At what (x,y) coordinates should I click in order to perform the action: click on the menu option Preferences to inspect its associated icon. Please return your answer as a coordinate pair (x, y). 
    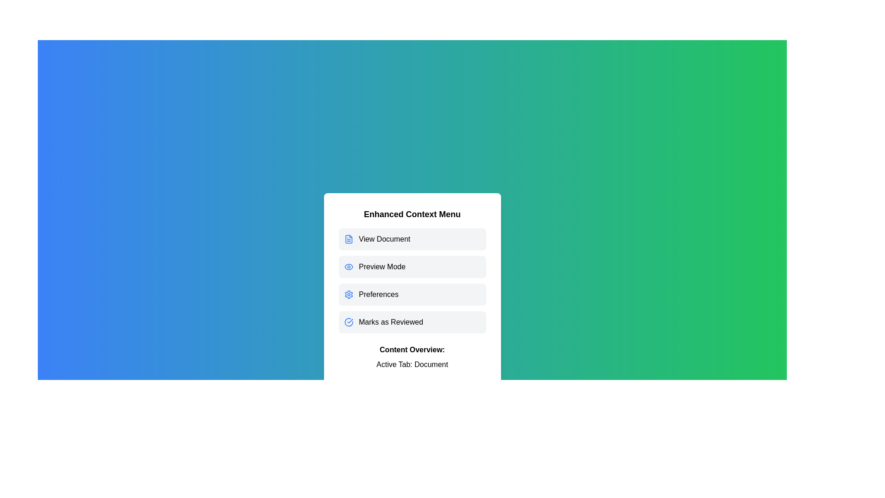
    Looking at the image, I should click on (412, 295).